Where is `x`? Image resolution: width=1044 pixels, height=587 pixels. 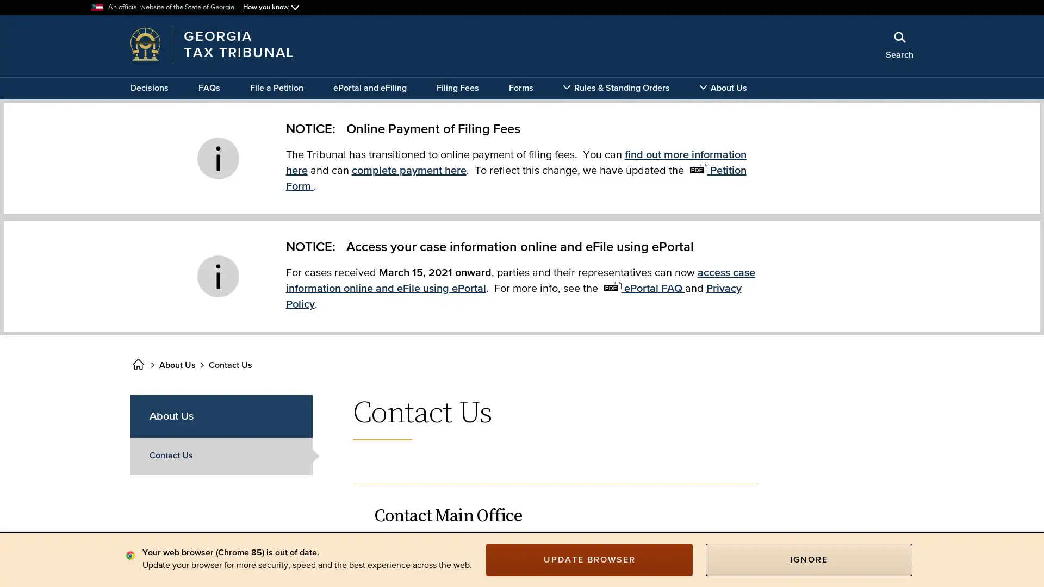 x is located at coordinates (234, 177).